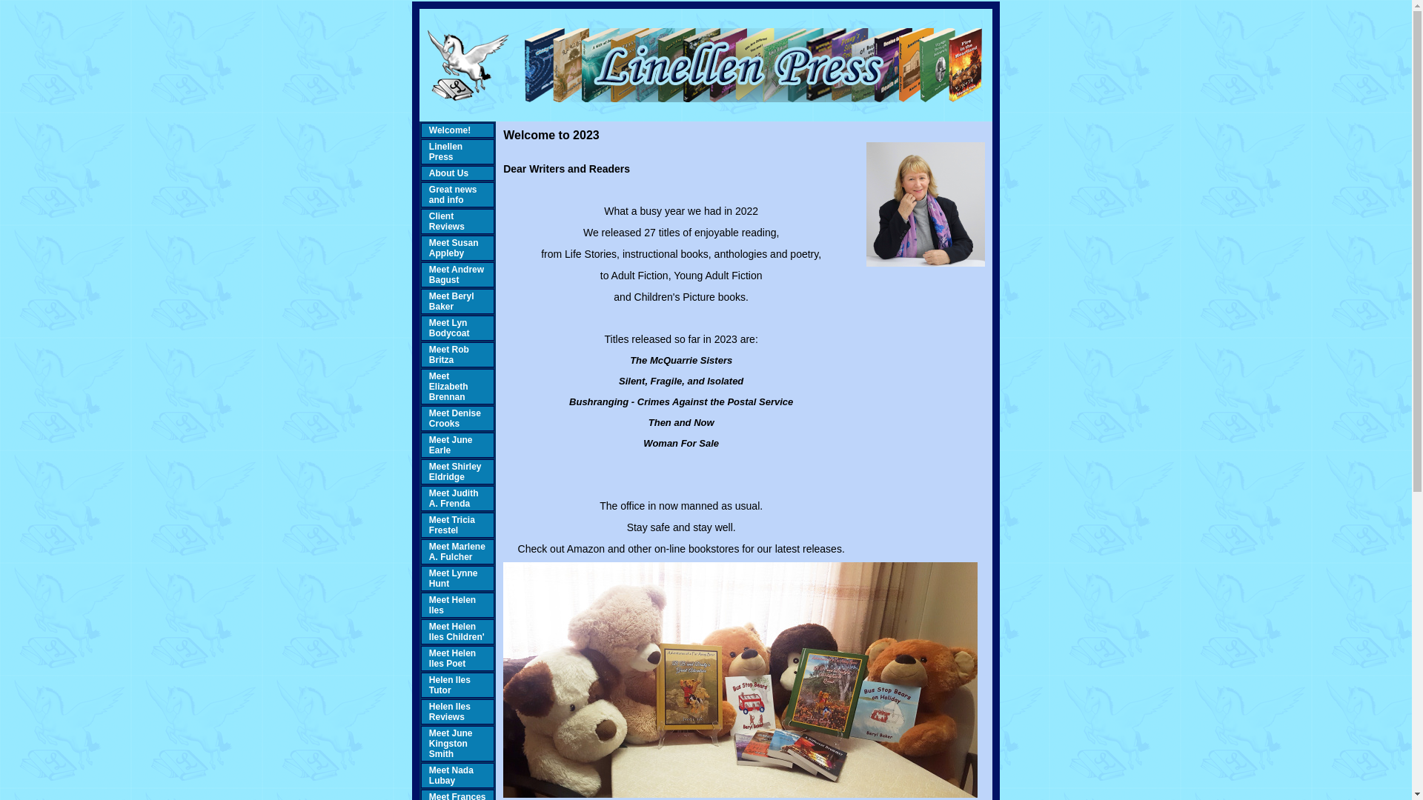 Image resolution: width=1423 pixels, height=800 pixels. I want to click on 'Meet Susan Appleby', so click(453, 247).